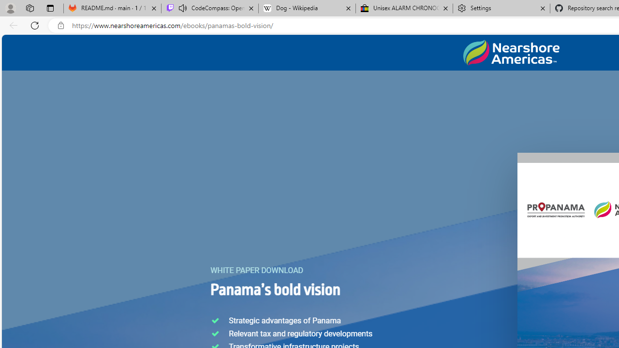 This screenshot has width=619, height=348. I want to click on 'Refresh', so click(35, 25).